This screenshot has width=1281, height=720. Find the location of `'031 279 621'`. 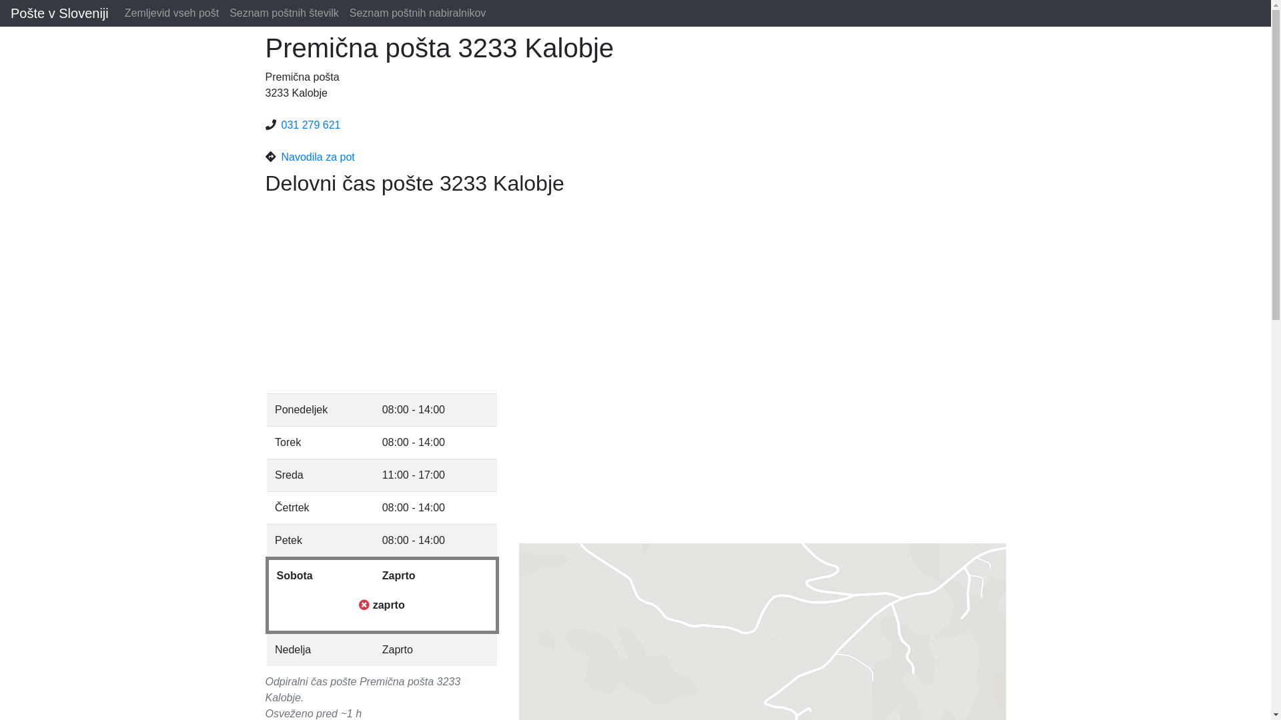

'031 279 621' is located at coordinates (310, 125).